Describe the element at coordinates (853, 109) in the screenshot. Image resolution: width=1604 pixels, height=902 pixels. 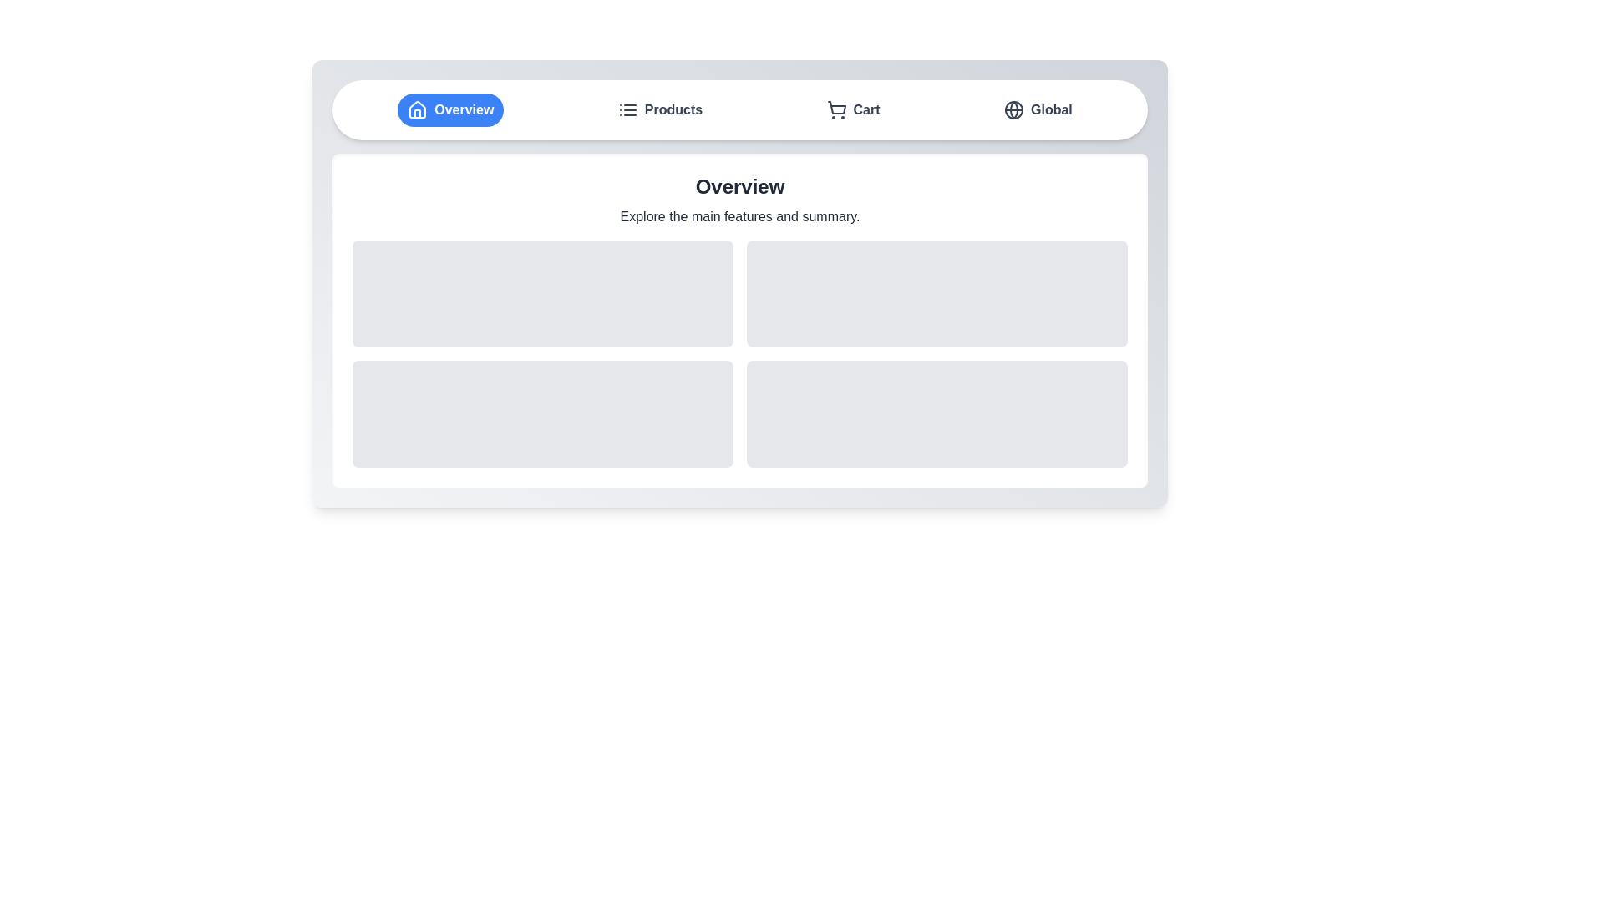
I see `the Cart tab to observe visual feedback` at that location.